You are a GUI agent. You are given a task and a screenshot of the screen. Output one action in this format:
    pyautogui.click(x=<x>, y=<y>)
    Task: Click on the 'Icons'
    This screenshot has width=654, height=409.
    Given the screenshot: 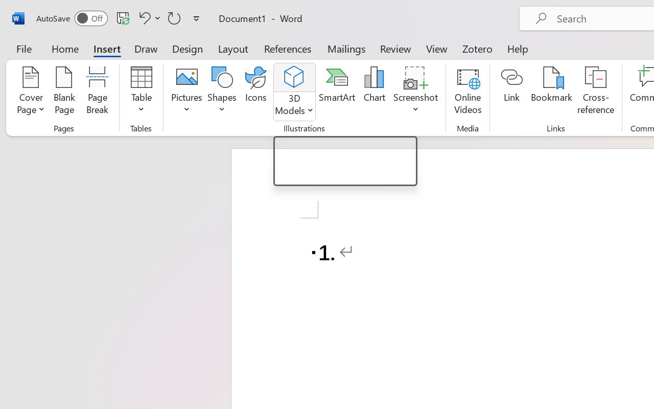 What is the action you would take?
    pyautogui.click(x=256, y=92)
    